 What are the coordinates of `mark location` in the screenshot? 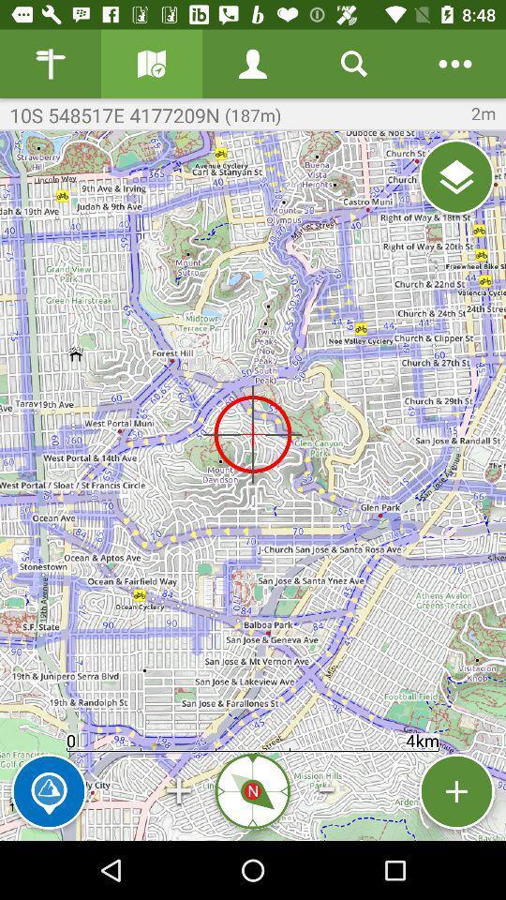 It's located at (49, 790).